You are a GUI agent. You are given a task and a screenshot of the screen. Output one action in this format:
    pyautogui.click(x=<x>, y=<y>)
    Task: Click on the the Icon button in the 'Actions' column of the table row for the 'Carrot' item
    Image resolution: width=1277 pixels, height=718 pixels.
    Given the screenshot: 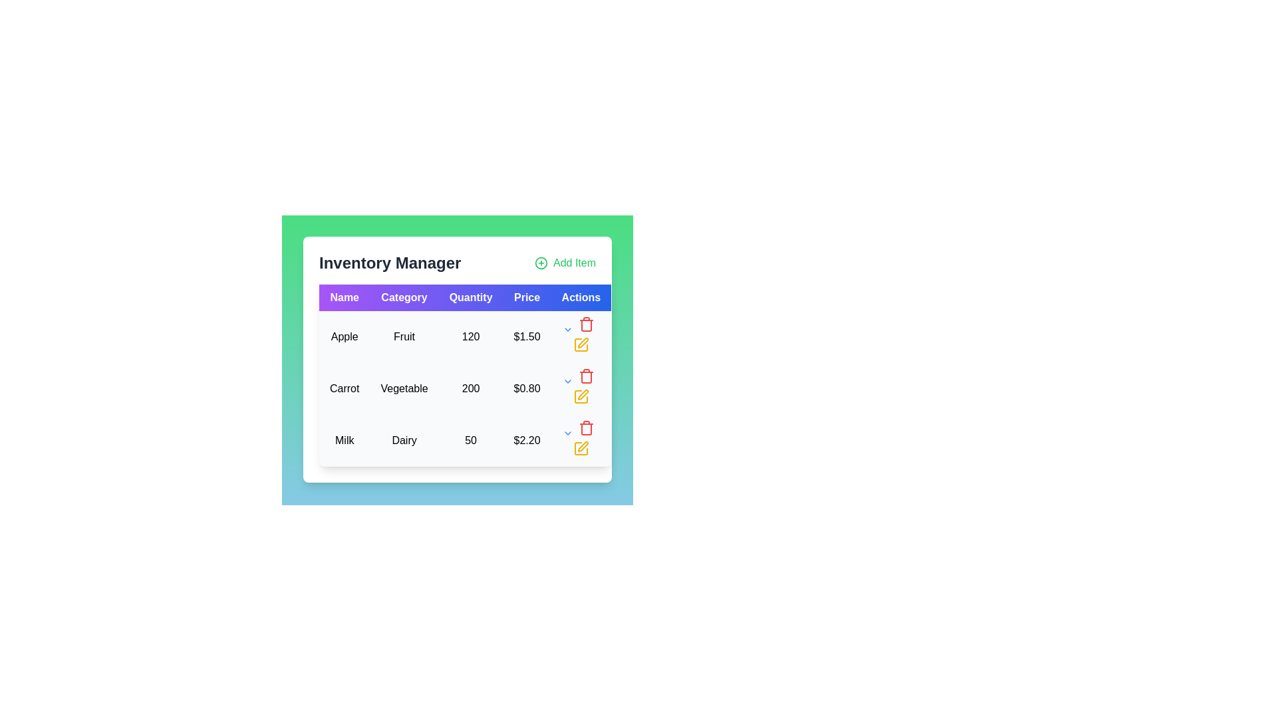 What is the action you would take?
    pyautogui.click(x=583, y=394)
    